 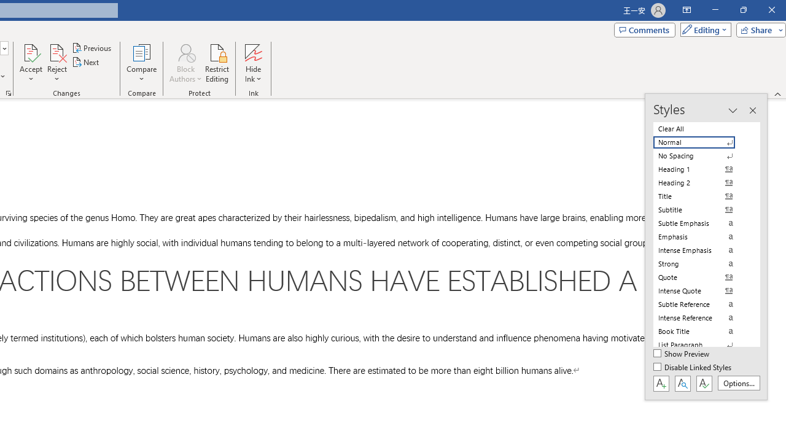 What do you see at coordinates (701, 317) in the screenshot?
I see `'Intense Reference'` at bounding box center [701, 317].